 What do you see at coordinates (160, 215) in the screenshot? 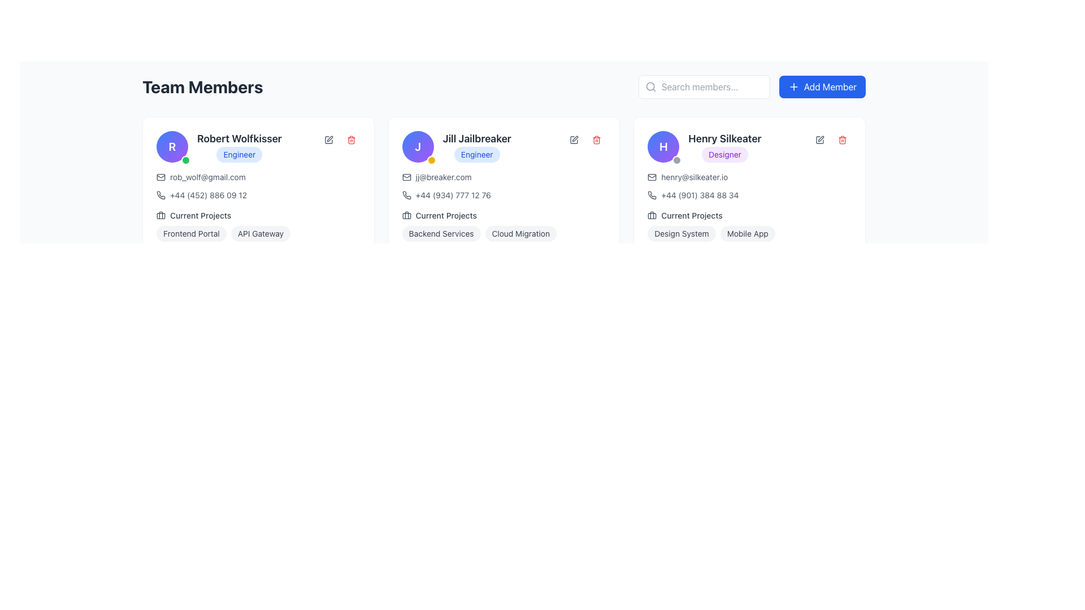
I see `the briefcase icon located in the 'Current Projects' section associated with team member 'Robert Wolfkisser'` at bounding box center [160, 215].